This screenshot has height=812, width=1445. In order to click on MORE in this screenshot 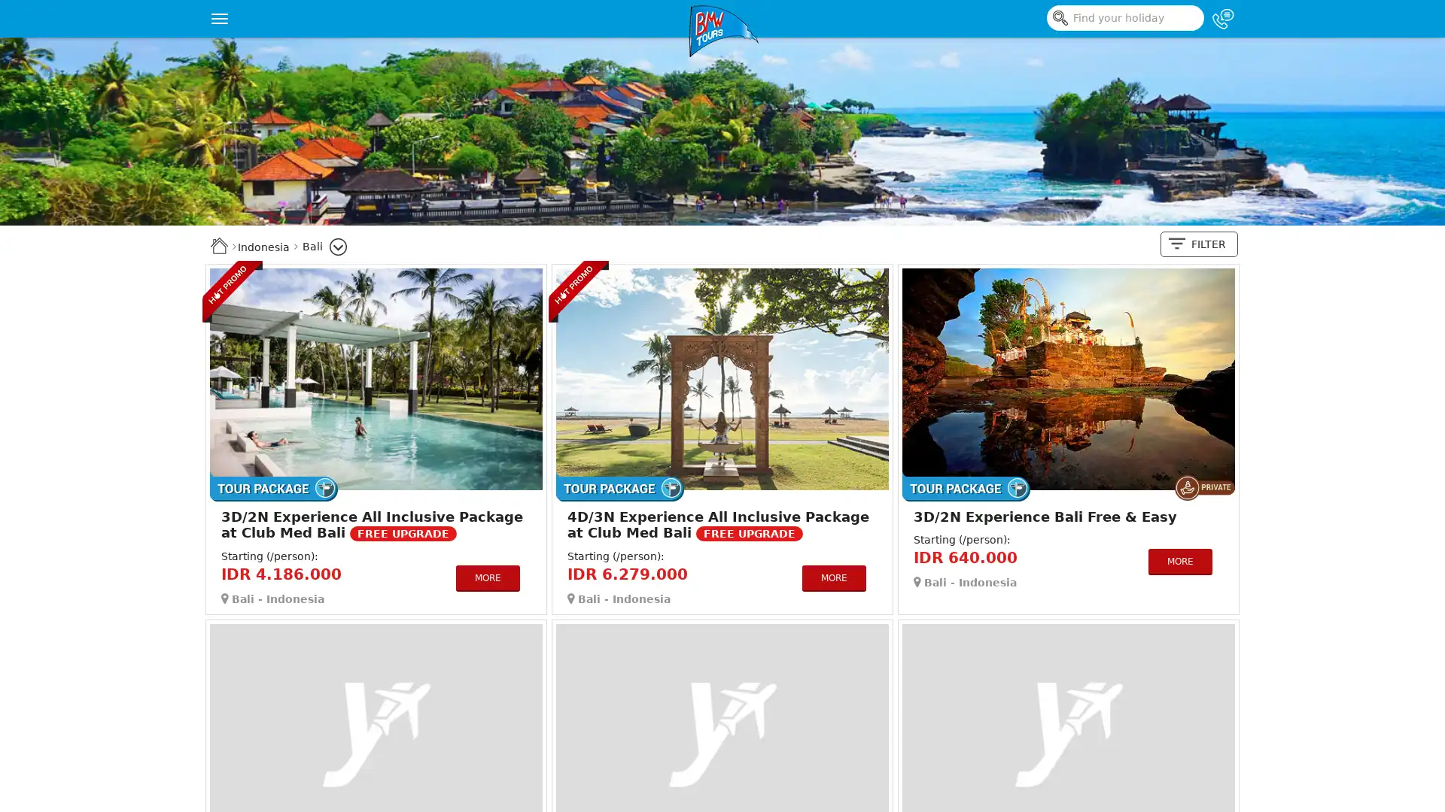, I will do `click(1179, 561)`.